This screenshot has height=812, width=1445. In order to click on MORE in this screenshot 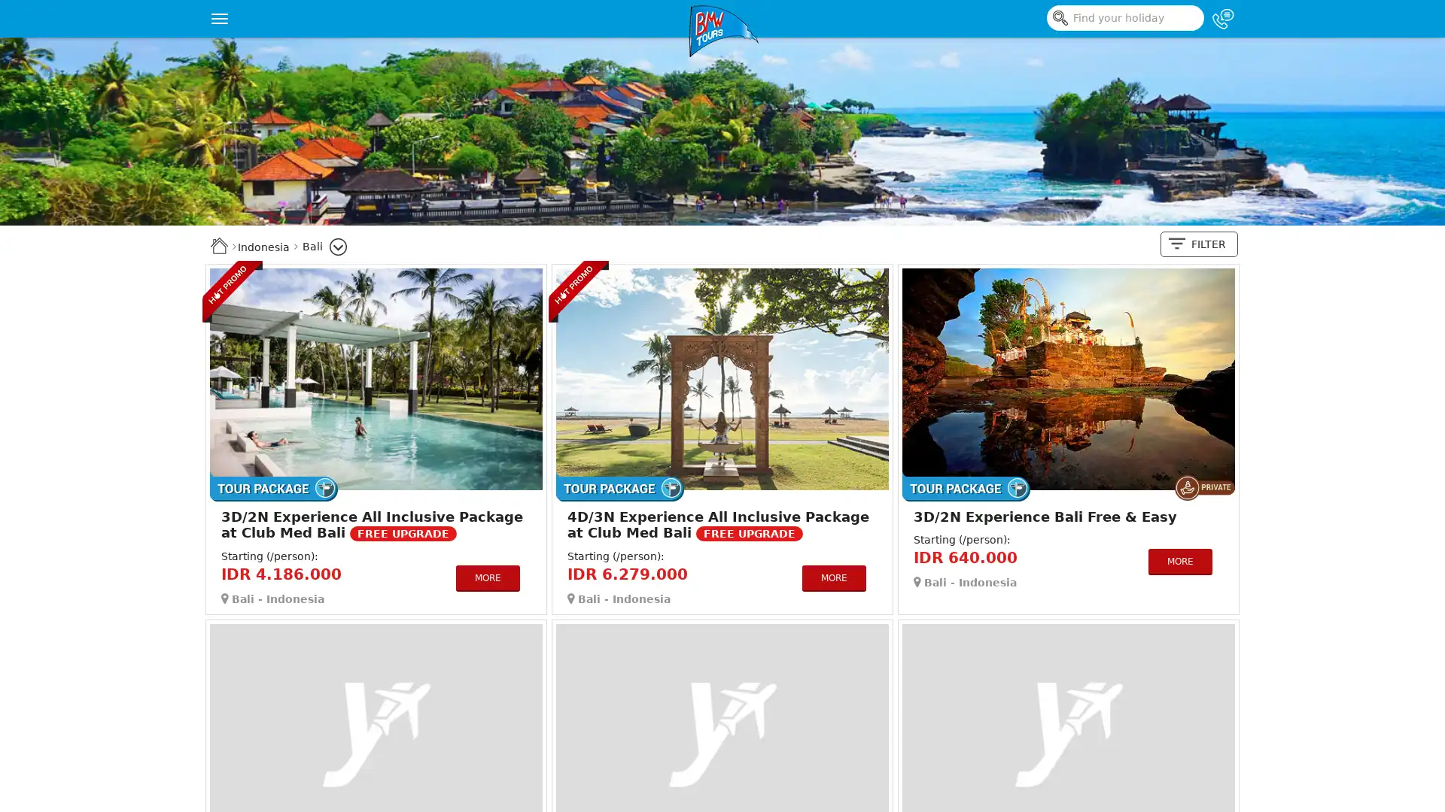, I will do `click(1179, 561)`.